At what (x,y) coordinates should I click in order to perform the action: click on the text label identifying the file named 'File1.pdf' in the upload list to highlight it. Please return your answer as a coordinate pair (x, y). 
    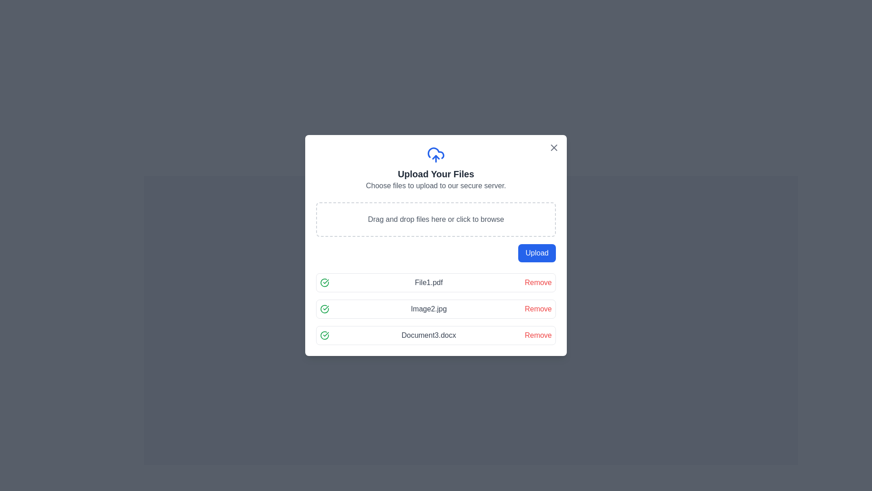
    Looking at the image, I should click on (428, 282).